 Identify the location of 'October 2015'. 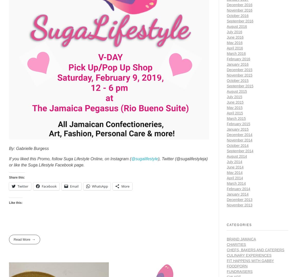
(227, 80).